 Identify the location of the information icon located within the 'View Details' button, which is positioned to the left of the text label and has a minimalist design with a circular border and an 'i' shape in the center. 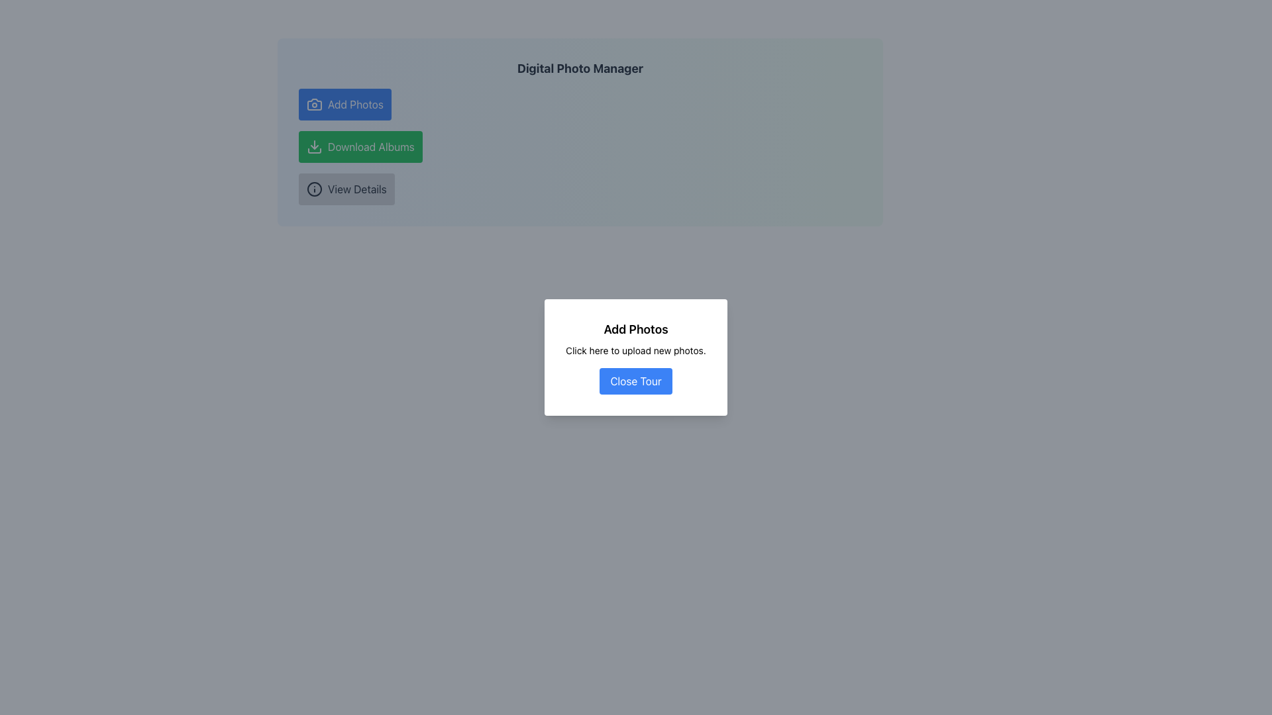
(314, 189).